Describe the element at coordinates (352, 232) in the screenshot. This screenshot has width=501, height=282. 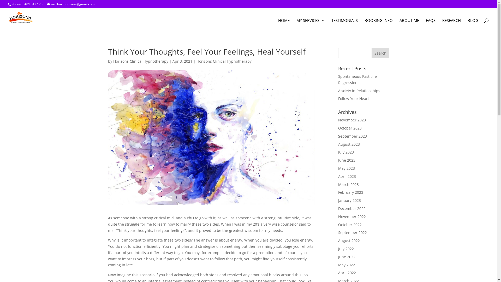
I see `'September 2022'` at that location.